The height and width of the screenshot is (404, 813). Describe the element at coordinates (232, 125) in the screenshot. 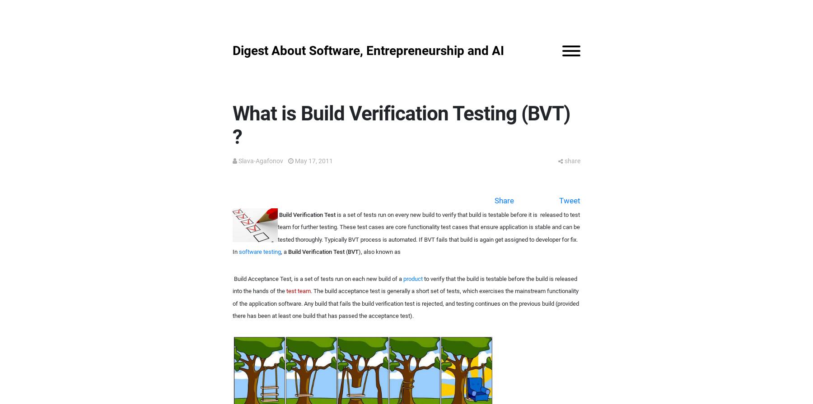

I see `'What is Build Verification Testing (BVT) ?'` at that location.